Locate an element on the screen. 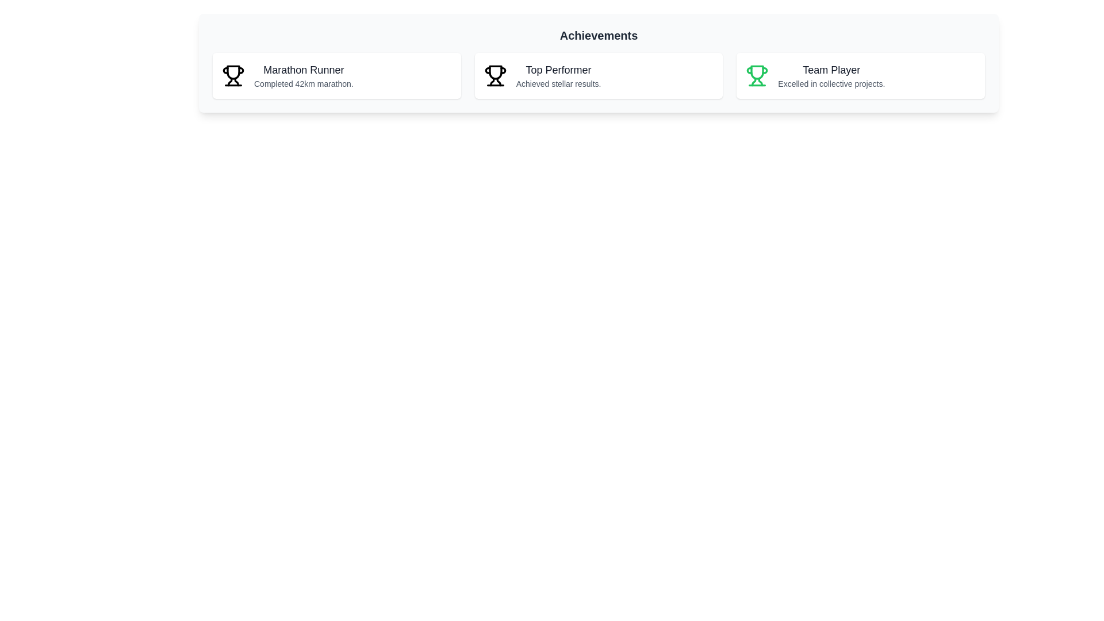  the text label reading 'Completed 42km marathon.' which is positioned directly below the title 'Marathon Runner' in the leftmost card is located at coordinates (304, 83).